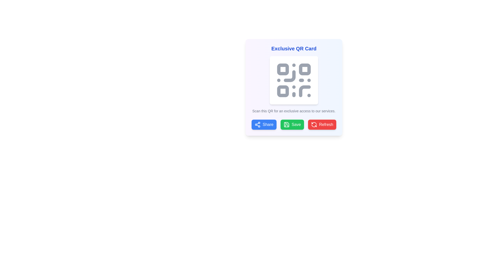 This screenshot has height=272, width=484. What do you see at coordinates (305, 69) in the screenshot?
I see `the second square in the upper right quadrant of the SVG-based QR code, which contributes to its visual structure and scanning functionality` at bounding box center [305, 69].